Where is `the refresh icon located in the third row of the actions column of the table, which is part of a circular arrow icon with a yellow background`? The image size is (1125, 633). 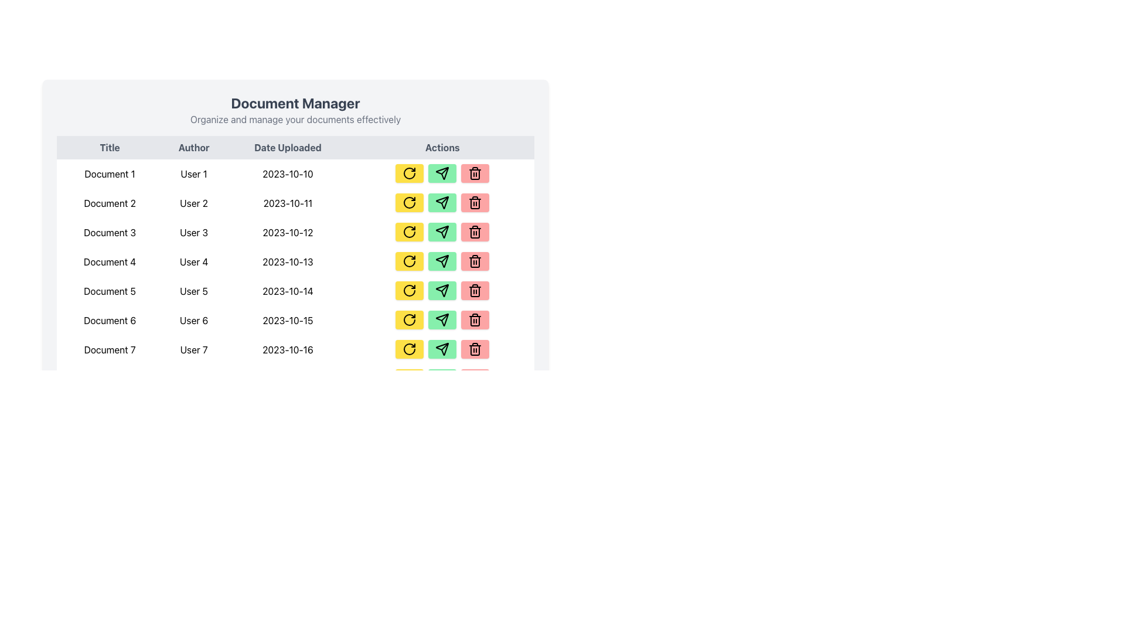
the refresh icon located in the third row of the actions column of the table, which is part of a circular arrow icon with a yellow background is located at coordinates (410, 232).